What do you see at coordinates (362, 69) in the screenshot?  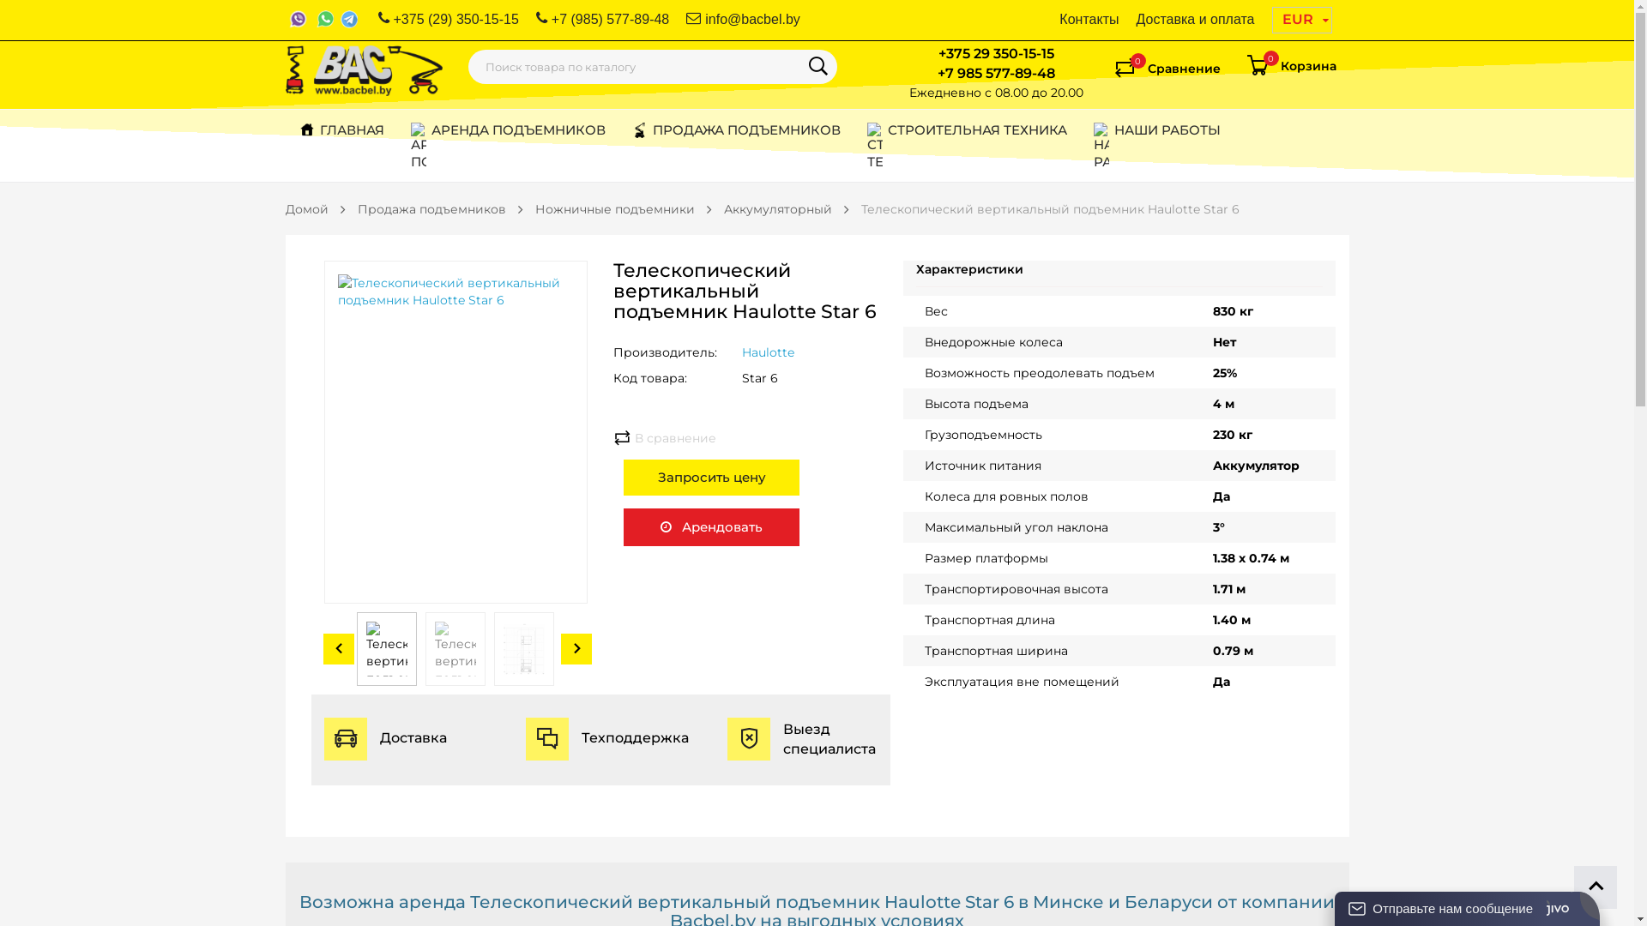 I see `'bacbel.by'` at bounding box center [362, 69].